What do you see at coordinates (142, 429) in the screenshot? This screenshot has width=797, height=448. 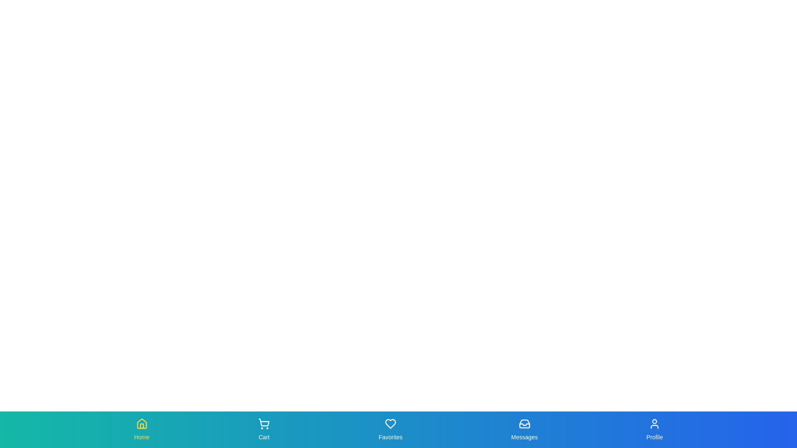 I see `the Home tab in the bottom navigation bar` at bounding box center [142, 429].